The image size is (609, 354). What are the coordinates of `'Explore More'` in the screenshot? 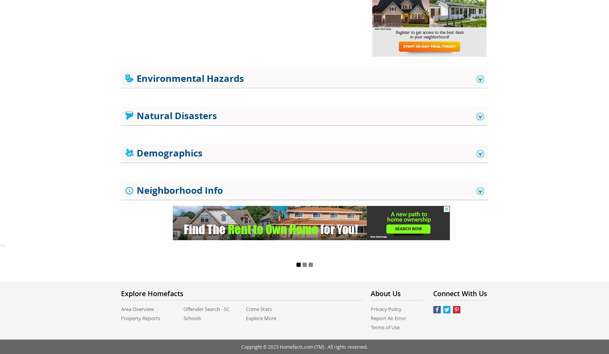 It's located at (261, 317).